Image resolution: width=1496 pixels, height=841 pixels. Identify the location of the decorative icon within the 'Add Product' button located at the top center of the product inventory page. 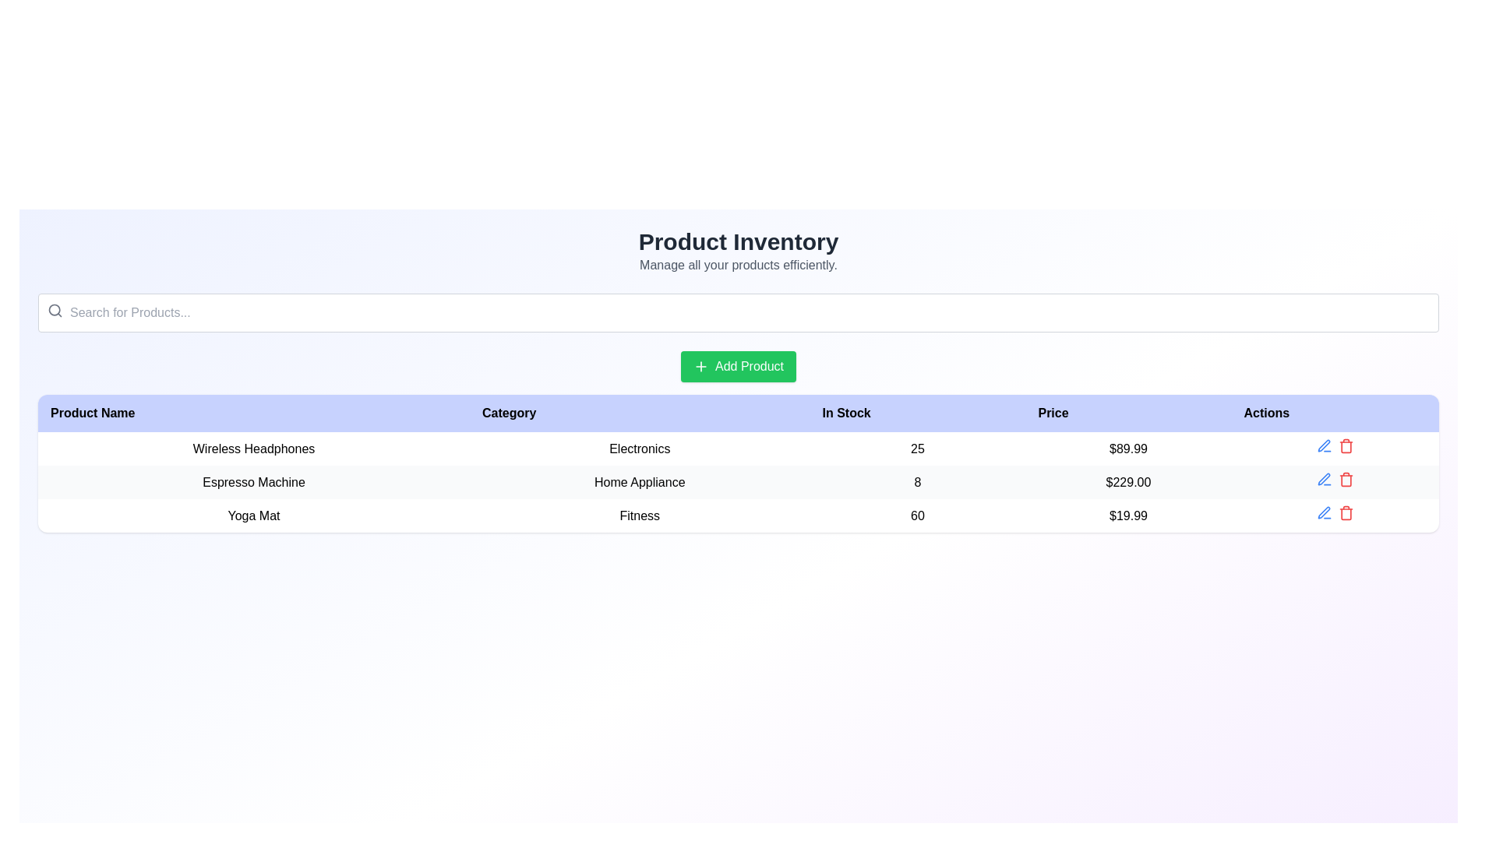
(700, 366).